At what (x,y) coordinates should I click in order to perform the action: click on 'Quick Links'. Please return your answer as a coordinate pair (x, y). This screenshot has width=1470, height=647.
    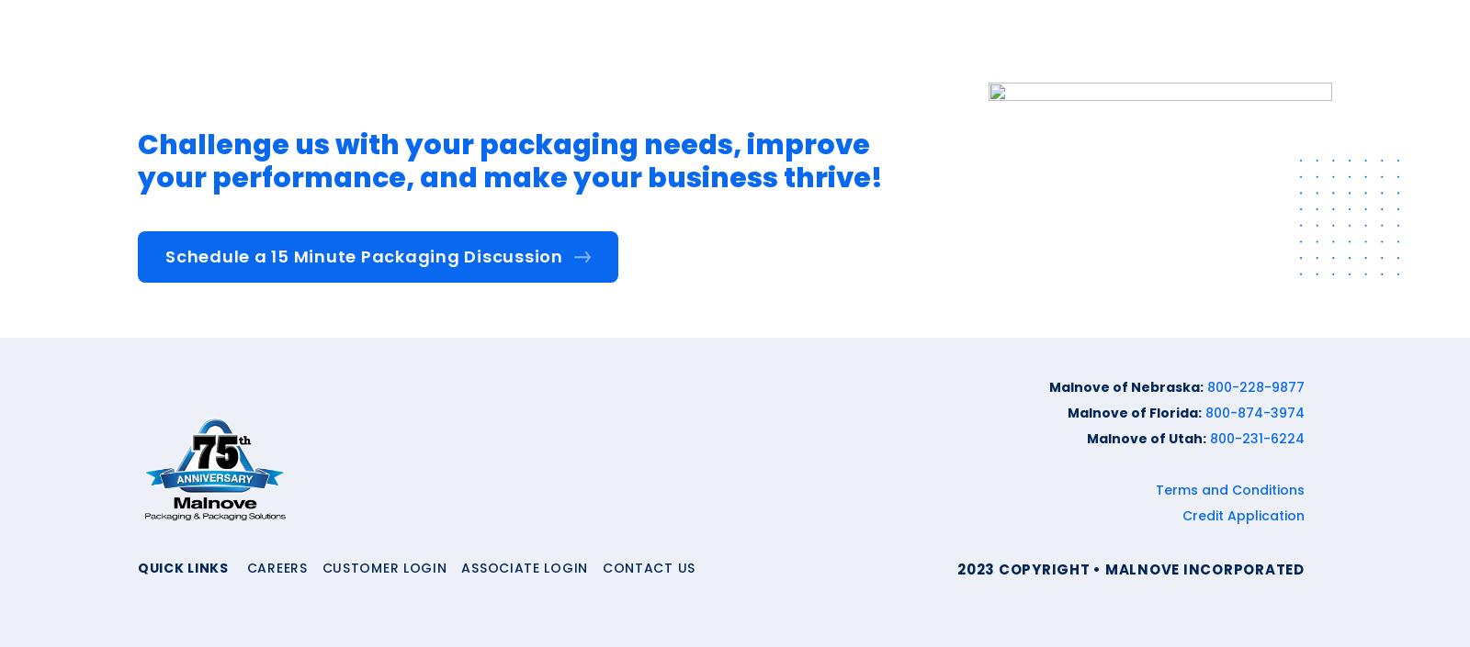
    Looking at the image, I should click on (182, 566).